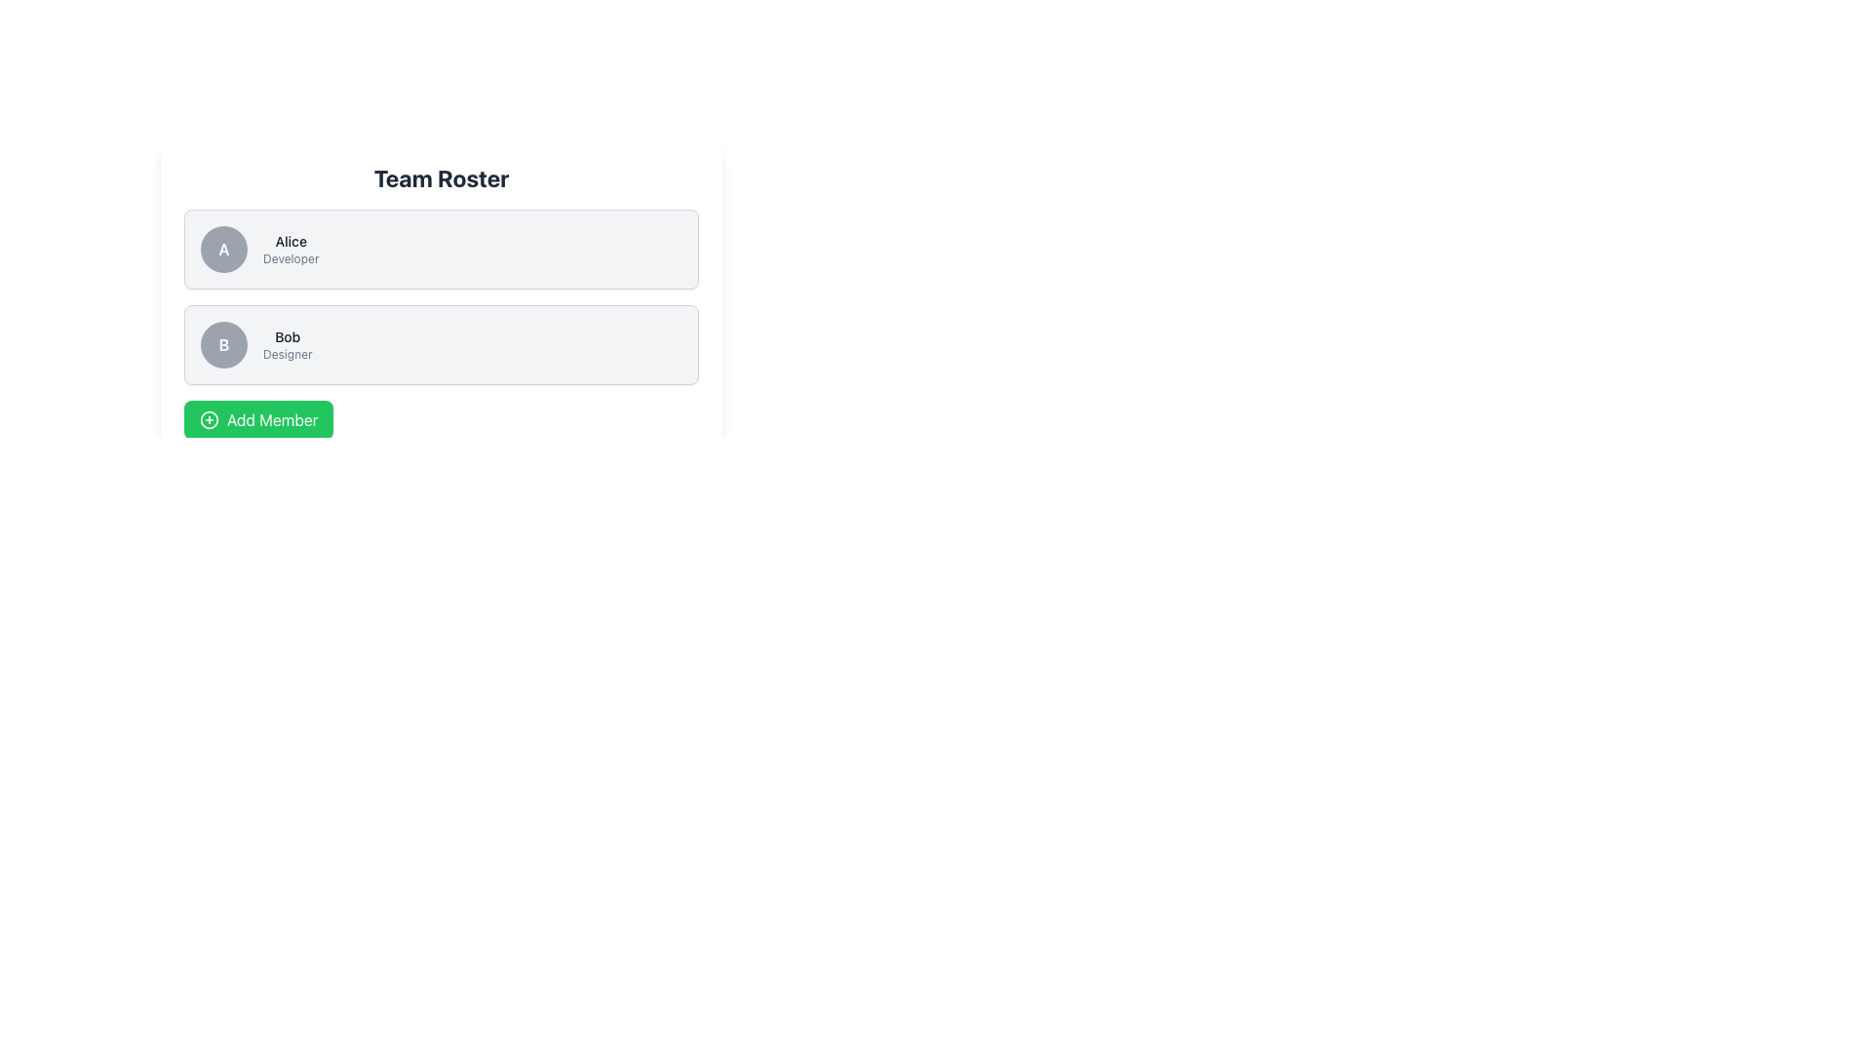 The height and width of the screenshot is (1053, 1872). What do you see at coordinates (287, 344) in the screenshot?
I see `the text label displaying a name and title located in the second row of the user listing interface, to the right of the circular avatar with the initial 'B'` at bounding box center [287, 344].